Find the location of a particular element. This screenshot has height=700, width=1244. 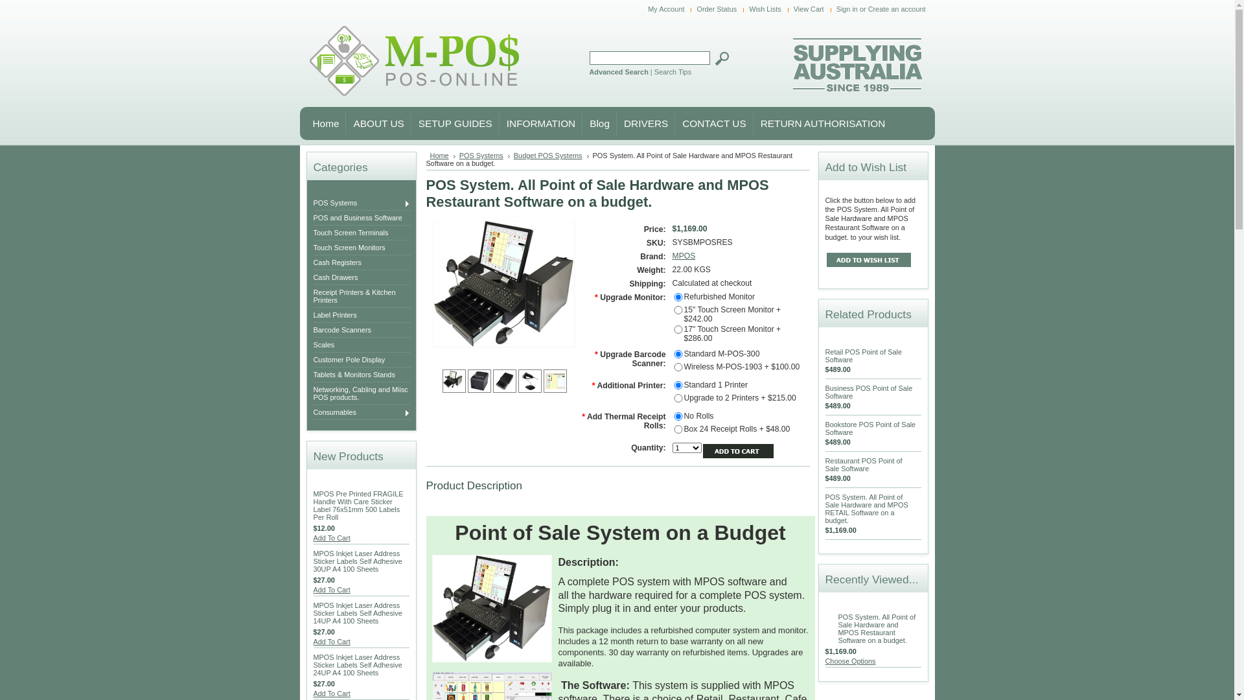

'CONTACT US' is located at coordinates (709, 122).